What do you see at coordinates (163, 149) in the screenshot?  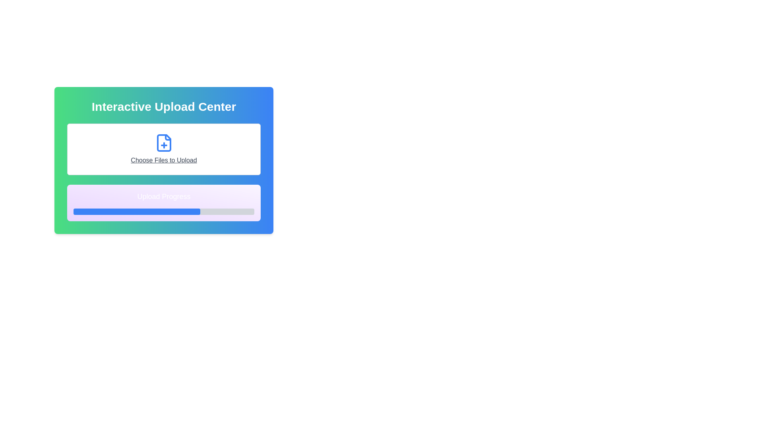 I see `the rectangular button with a white background, gray text, and a blue icon resembling a file with a plus sign, labeled 'Choose Files to Upload'` at bounding box center [163, 149].